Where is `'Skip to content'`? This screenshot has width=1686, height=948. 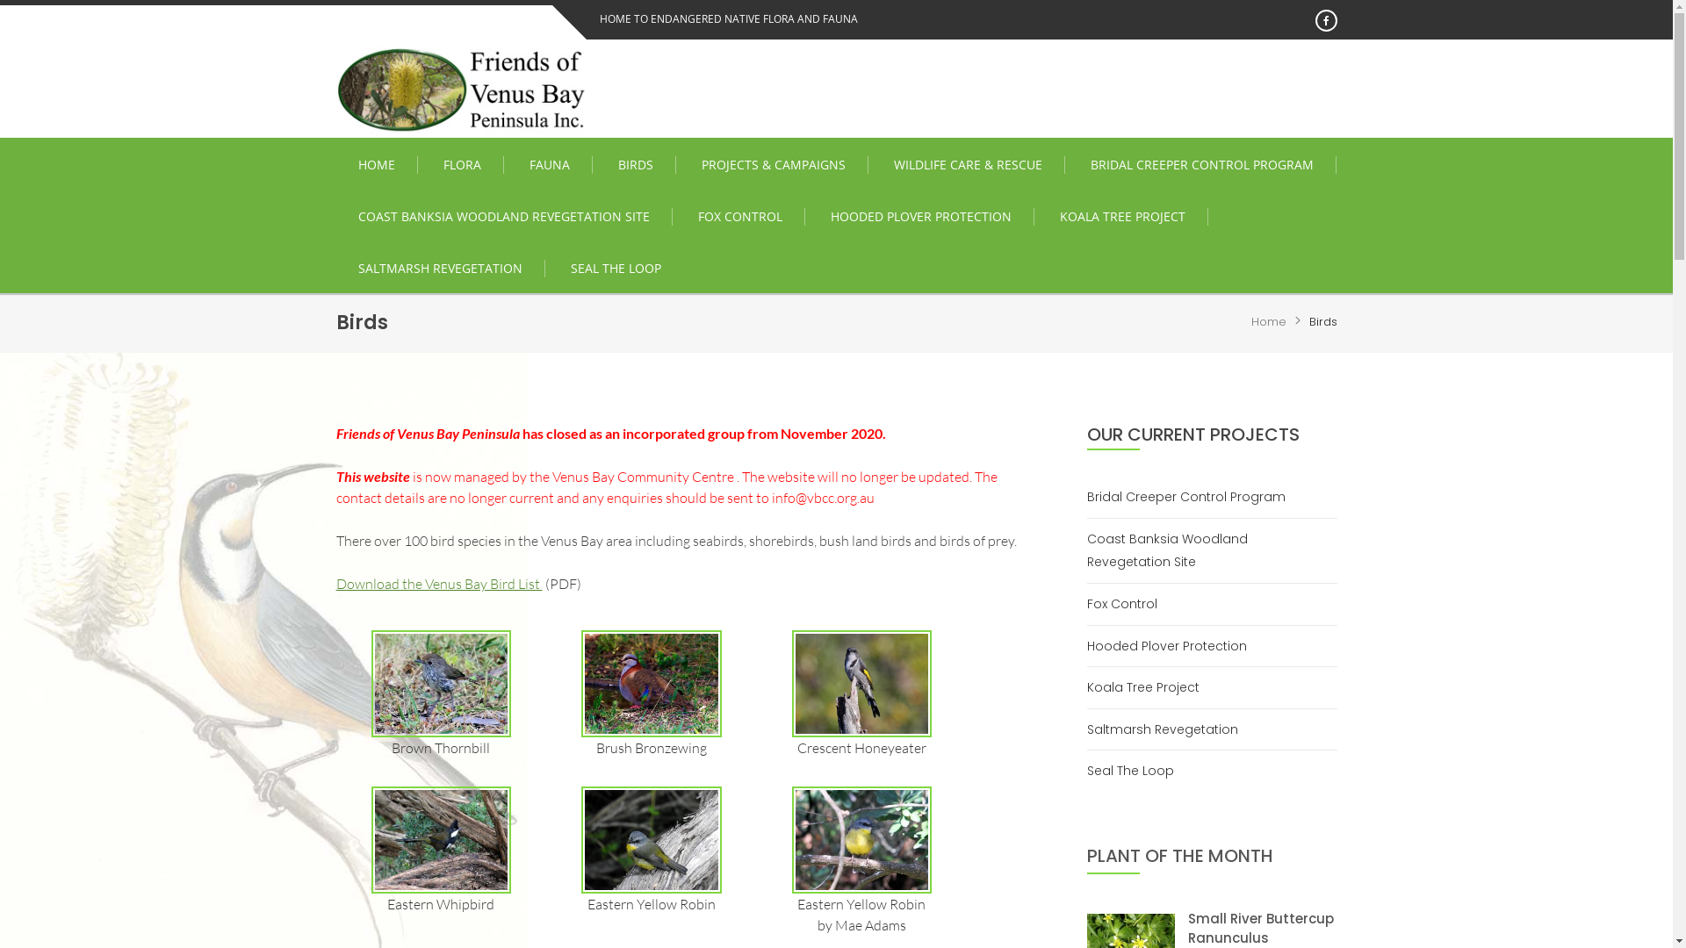 'Skip to content' is located at coordinates (0, 0).